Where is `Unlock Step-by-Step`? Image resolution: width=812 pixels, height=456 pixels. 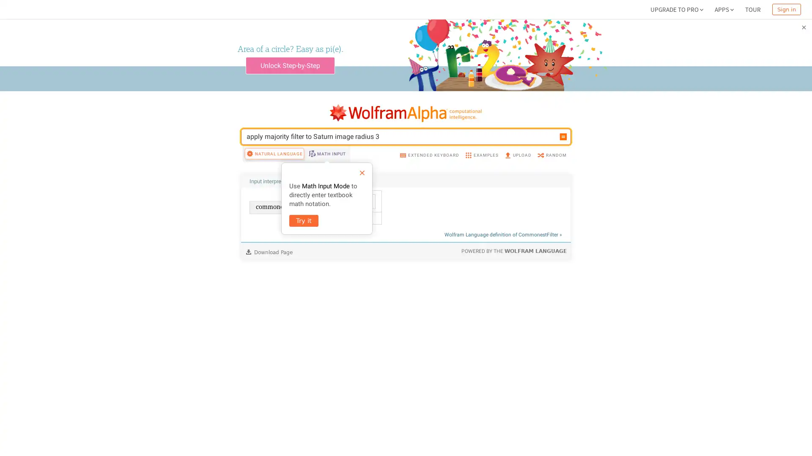 Unlock Step-by-Step is located at coordinates (290, 65).